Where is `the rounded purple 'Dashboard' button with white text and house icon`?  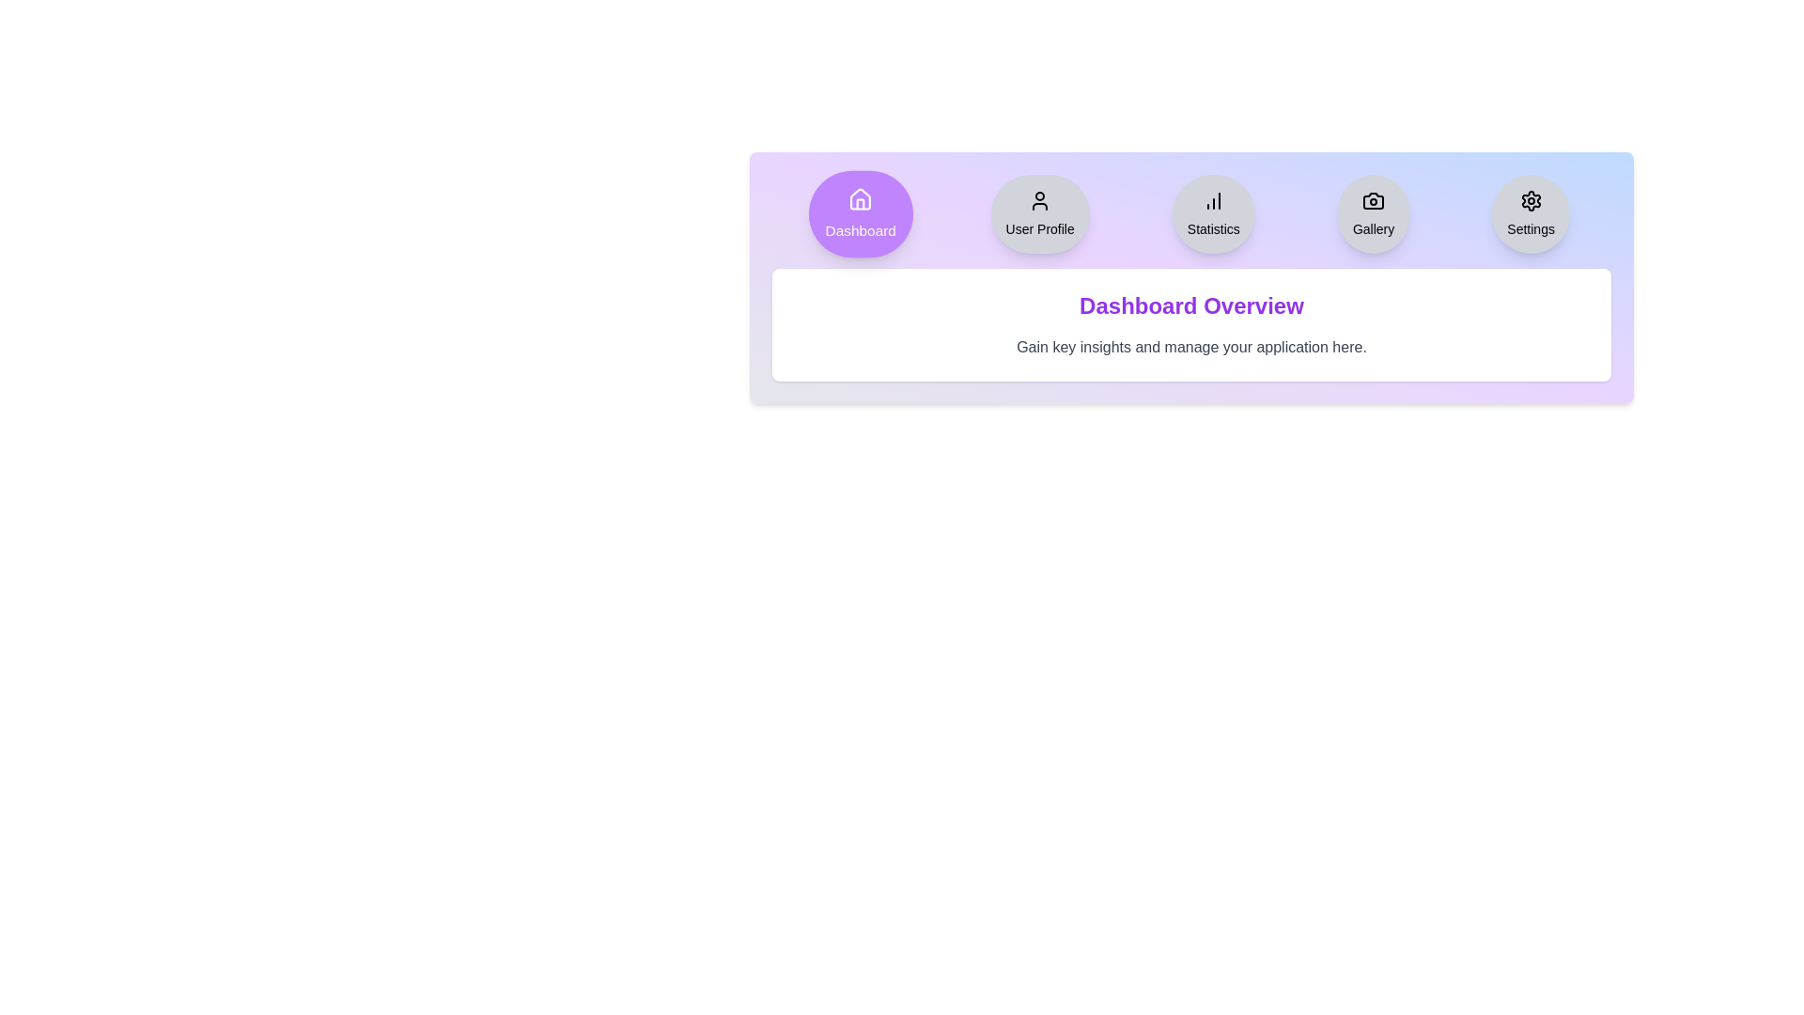
the rounded purple 'Dashboard' button with white text and house icon is located at coordinates (860, 212).